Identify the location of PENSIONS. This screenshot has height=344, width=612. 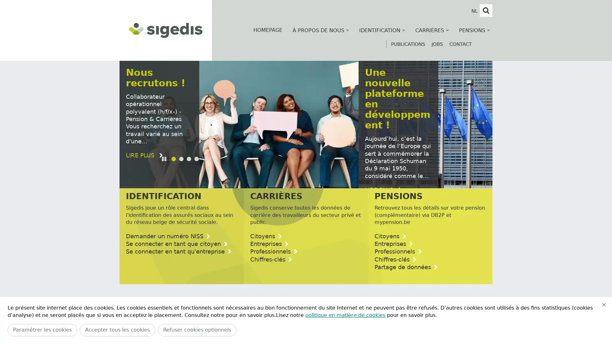
(474, 30).